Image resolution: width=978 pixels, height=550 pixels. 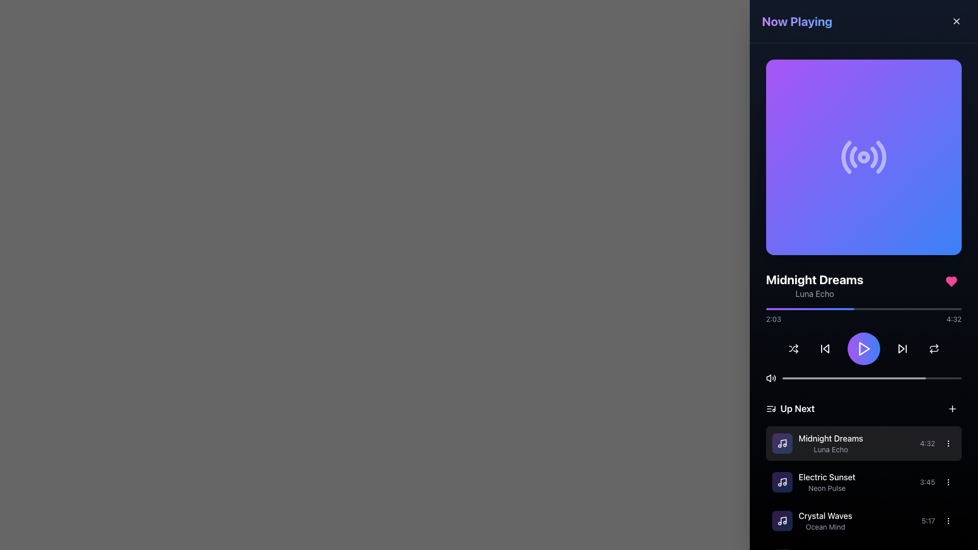 What do you see at coordinates (810, 308) in the screenshot?
I see `the audio progress` at bounding box center [810, 308].